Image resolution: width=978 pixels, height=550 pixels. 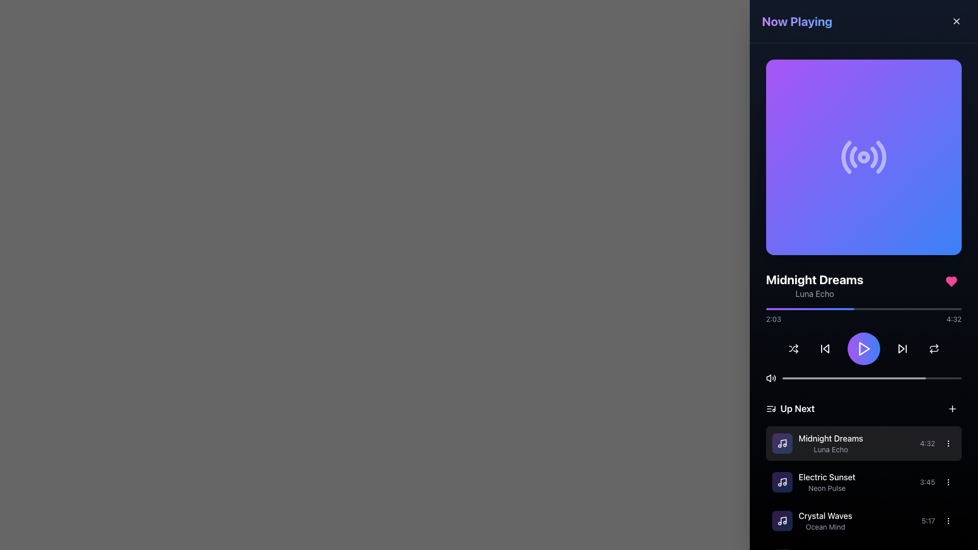 What do you see at coordinates (810, 308) in the screenshot?
I see `the audio progress` at bounding box center [810, 308].